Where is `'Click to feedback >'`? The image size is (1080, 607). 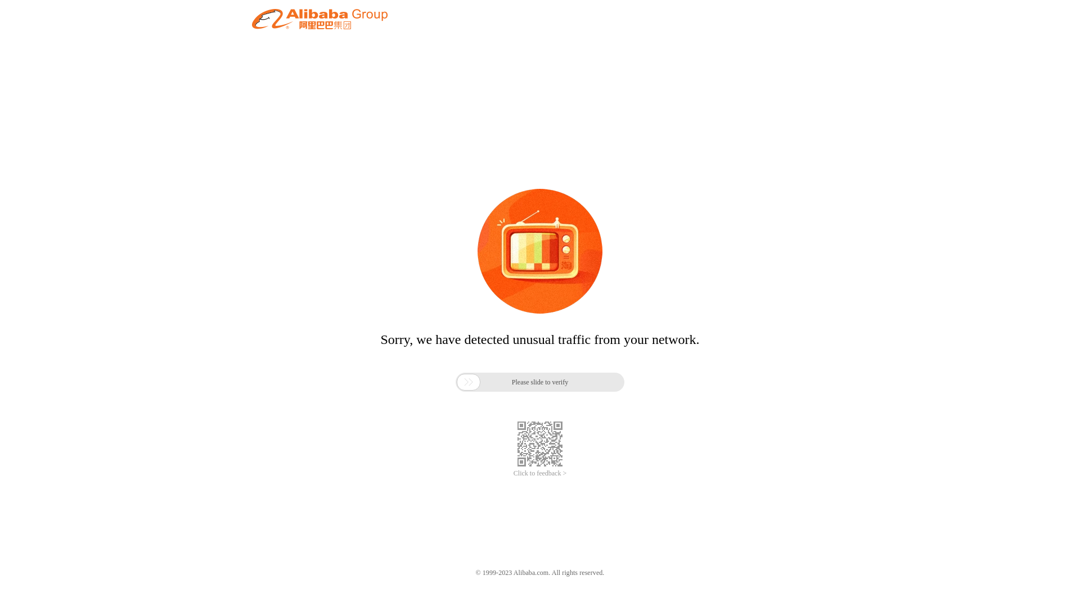 'Click to feedback >' is located at coordinates (540, 473).